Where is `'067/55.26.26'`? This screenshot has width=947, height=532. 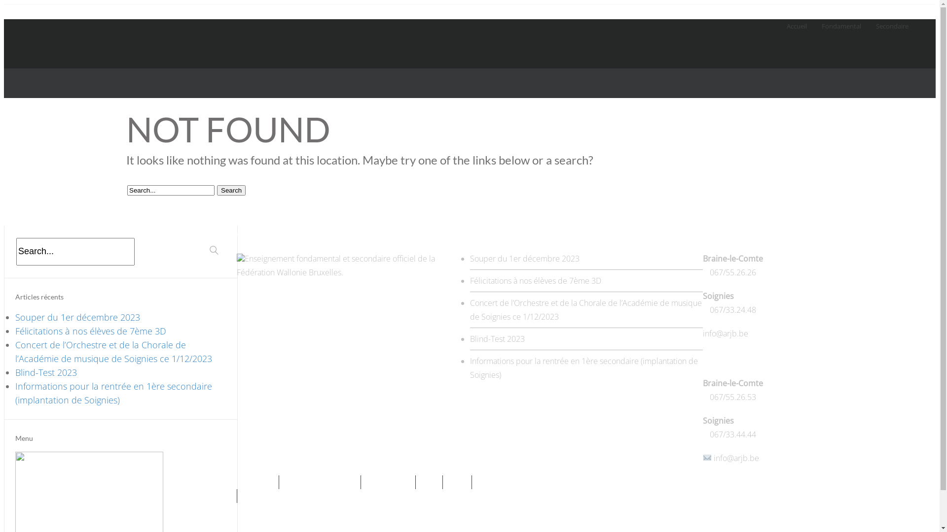 '067/55.26.26' is located at coordinates (733, 272).